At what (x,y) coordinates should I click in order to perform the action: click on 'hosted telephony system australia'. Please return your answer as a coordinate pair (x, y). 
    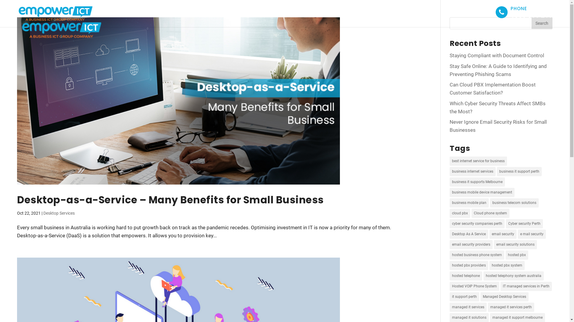
    Looking at the image, I should click on (513, 276).